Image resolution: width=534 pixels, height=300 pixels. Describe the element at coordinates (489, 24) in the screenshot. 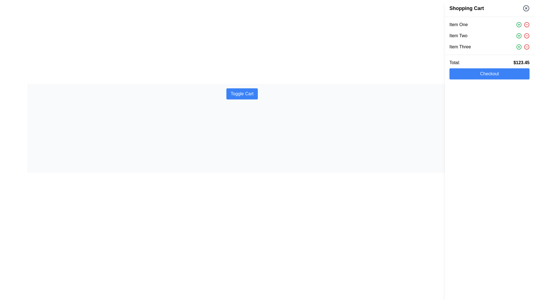

I see `the first item labeled 'Item One'` at that location.